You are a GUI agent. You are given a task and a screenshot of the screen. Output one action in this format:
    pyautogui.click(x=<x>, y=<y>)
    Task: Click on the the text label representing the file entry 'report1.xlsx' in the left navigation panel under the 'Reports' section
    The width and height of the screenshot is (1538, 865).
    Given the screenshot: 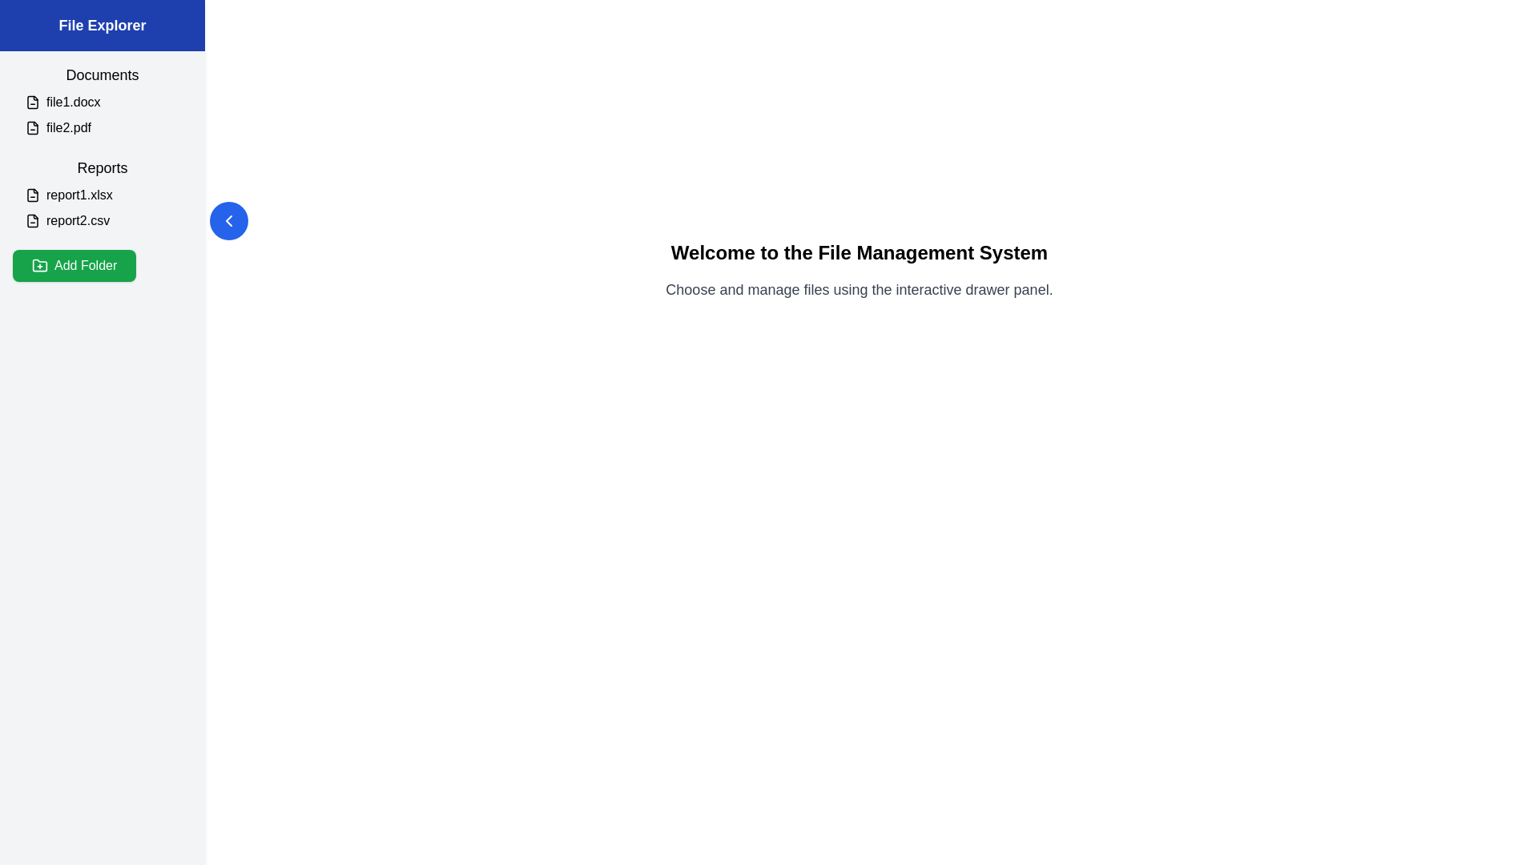 What is the action you would take?
    pyautogui.click(x=107, y=194)
    